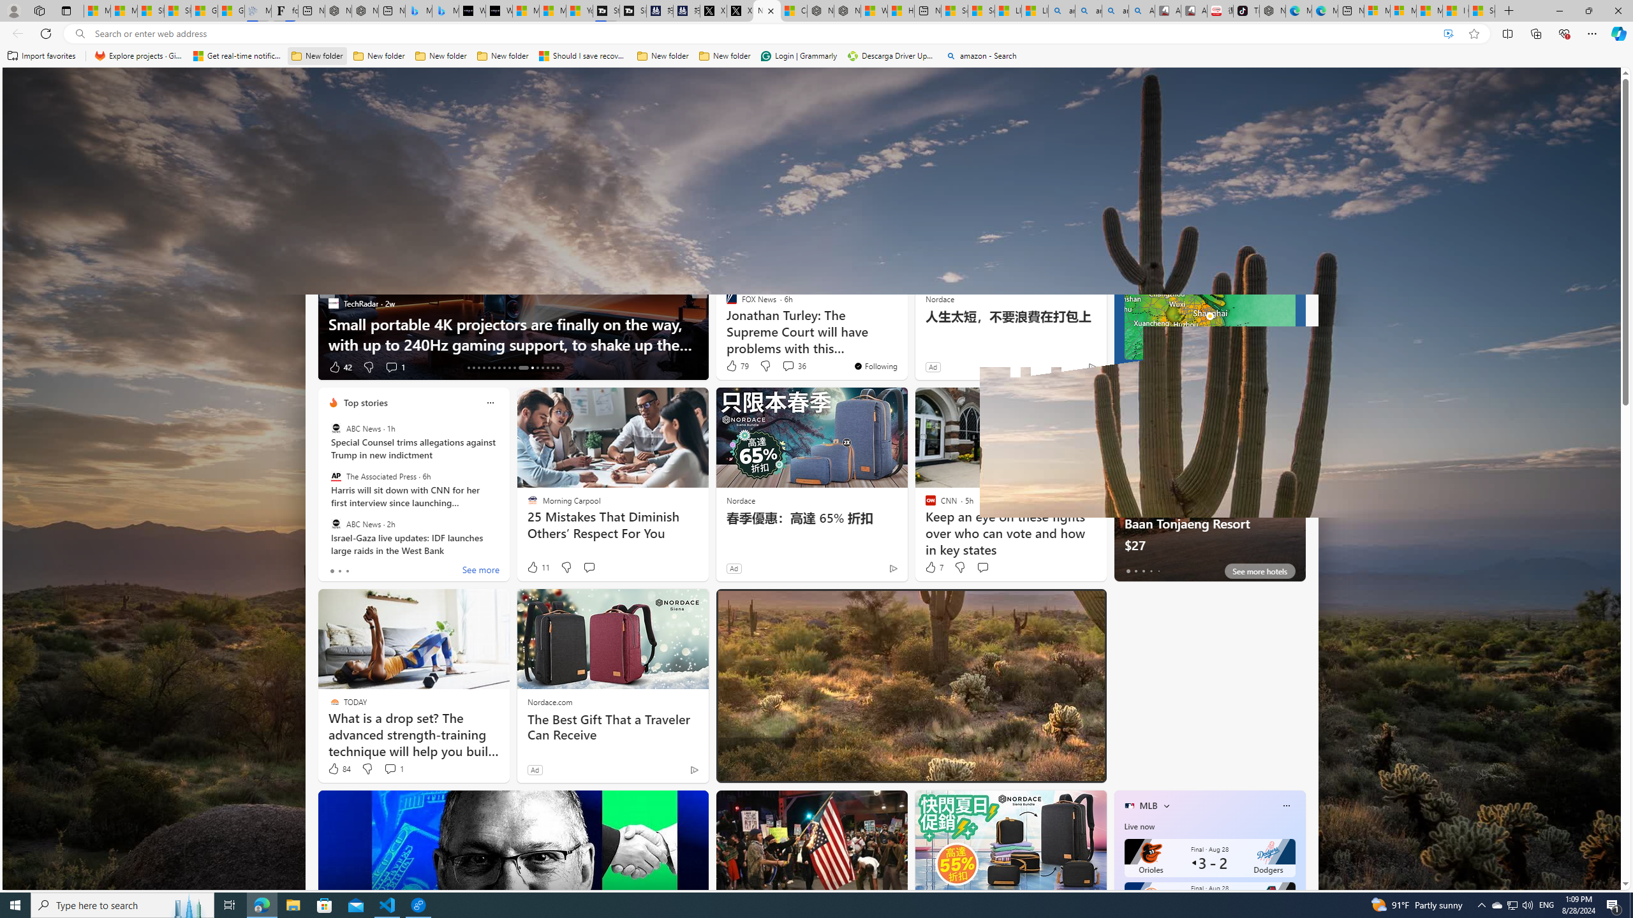 This screenshot has height=918, width=1633. I want to click on 'Browser essentials', so click(1563, 33).